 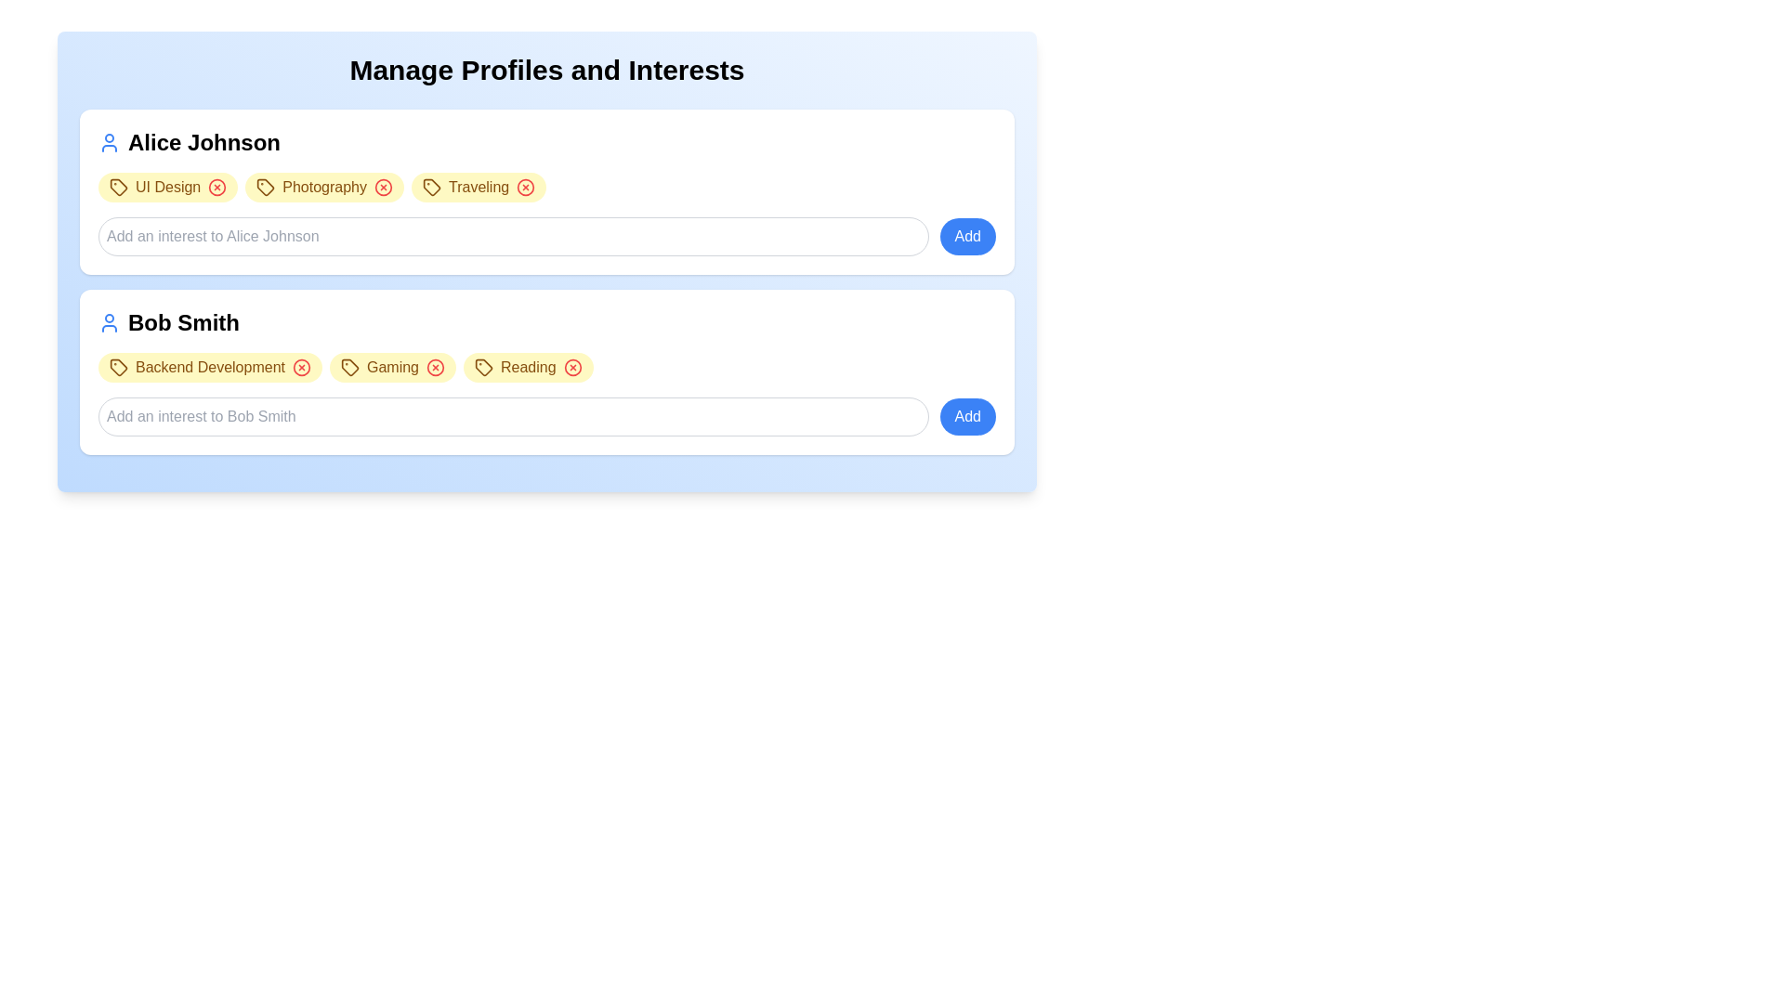 What do you see at coordinates (527, 368) in the screenshot?
I see `the red circular 'X' icon on the right side of the 'Reading' tag` at bounding box center [527, 368].